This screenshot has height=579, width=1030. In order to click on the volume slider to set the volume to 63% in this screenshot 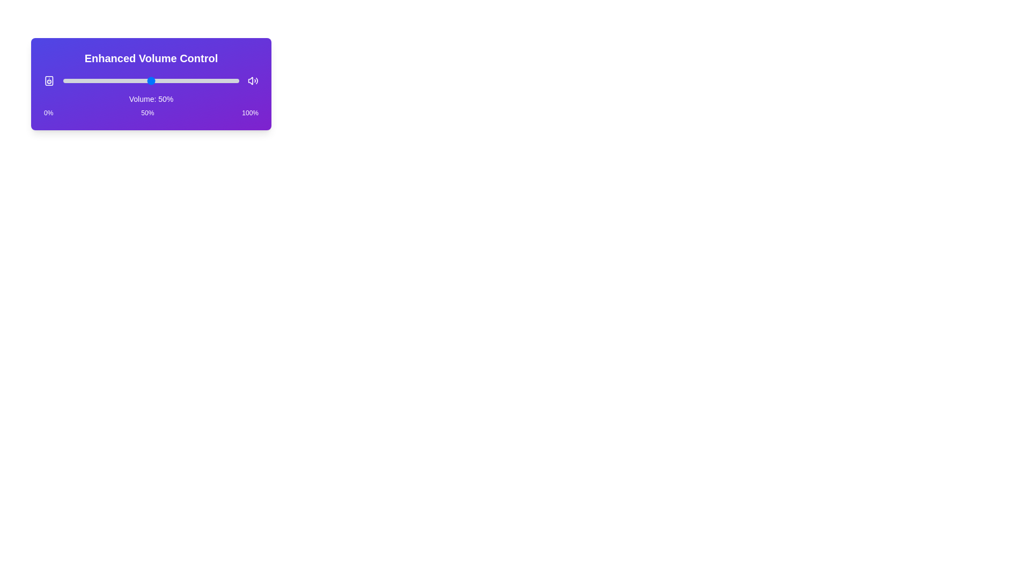, I will do `click(174, 80)`.